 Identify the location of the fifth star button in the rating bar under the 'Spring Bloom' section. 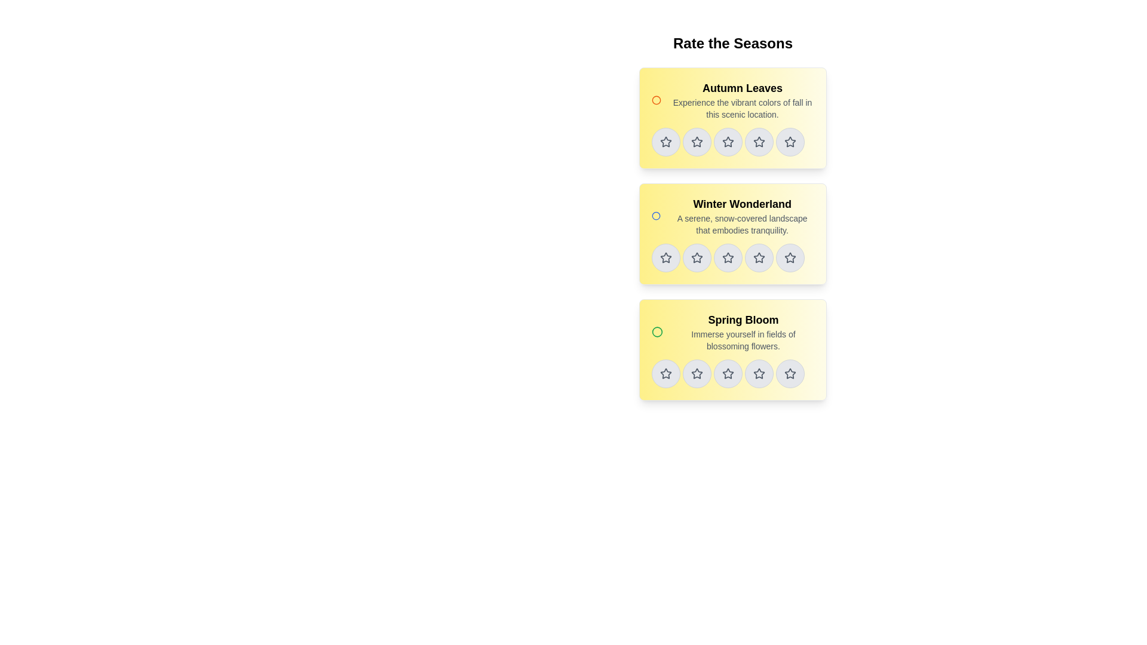
(790, 373).